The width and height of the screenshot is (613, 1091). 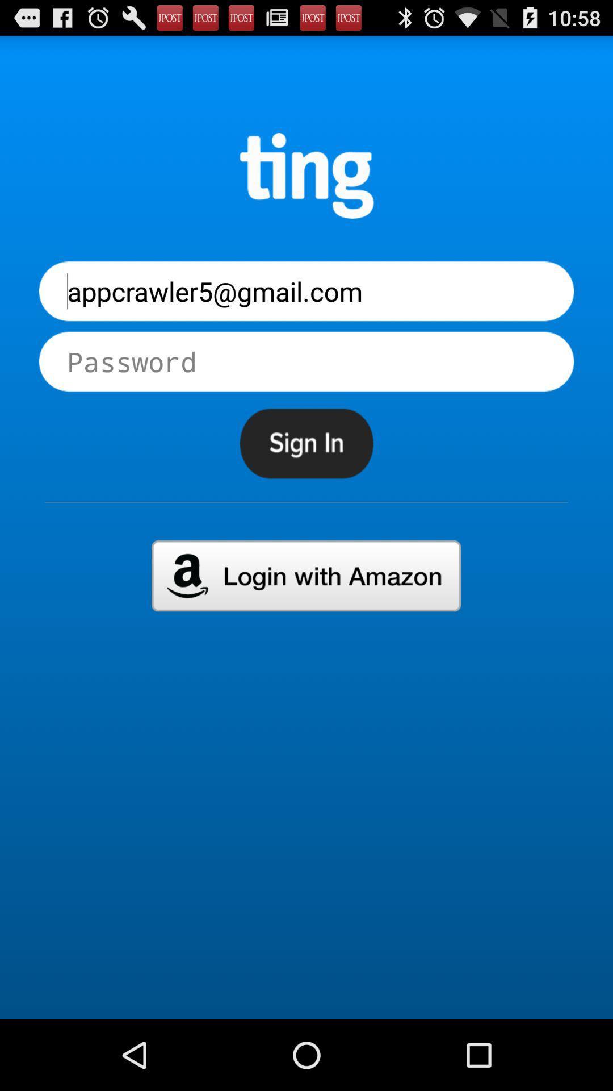 I want to click on login to my account, so click(x=305, y=576).